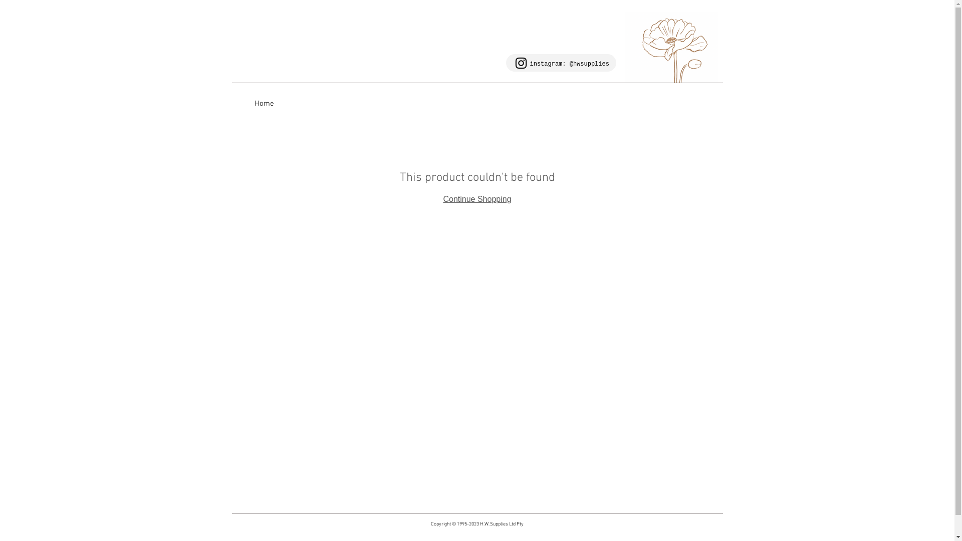 The height and width of the screenshot is (541, 962). Describe the element at coordinates (570, 64) in the screenshot. I see `'instagram: @hwsupplies'` at that location.